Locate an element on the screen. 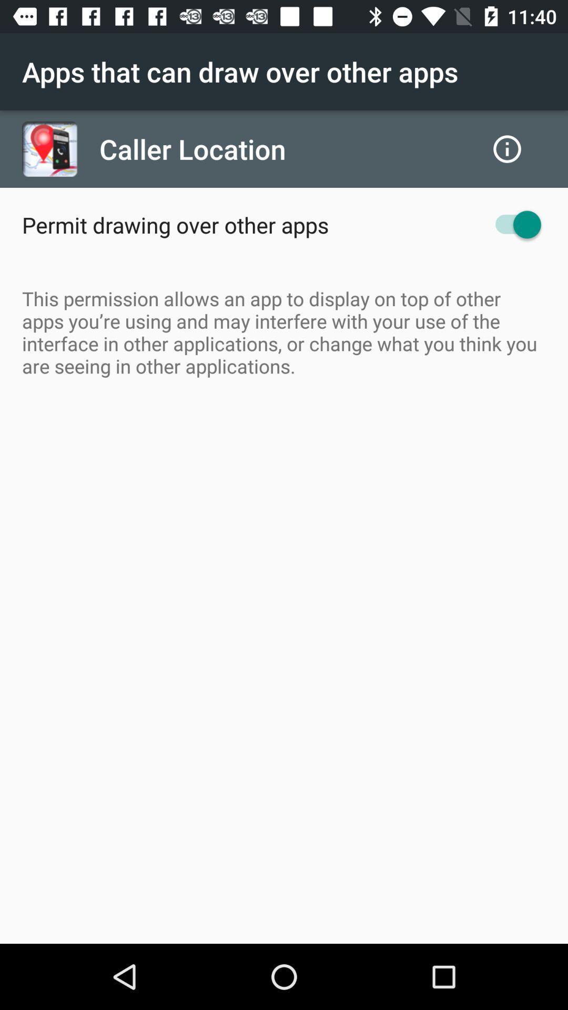 The height and width of the screenshot is (1010, 568). the permit drawing over icon is located at coordinates (175, 224).